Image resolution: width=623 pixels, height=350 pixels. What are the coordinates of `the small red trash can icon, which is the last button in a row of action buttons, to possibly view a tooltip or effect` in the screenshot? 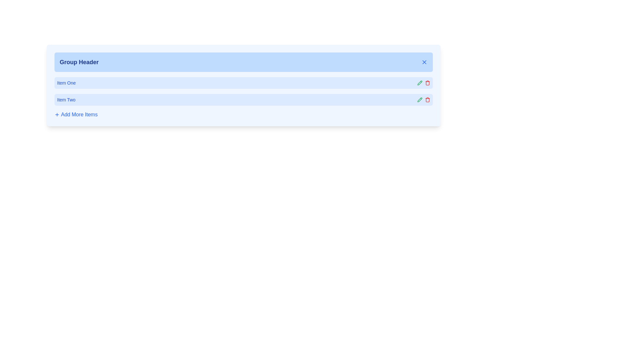 It's located at (428, 82).